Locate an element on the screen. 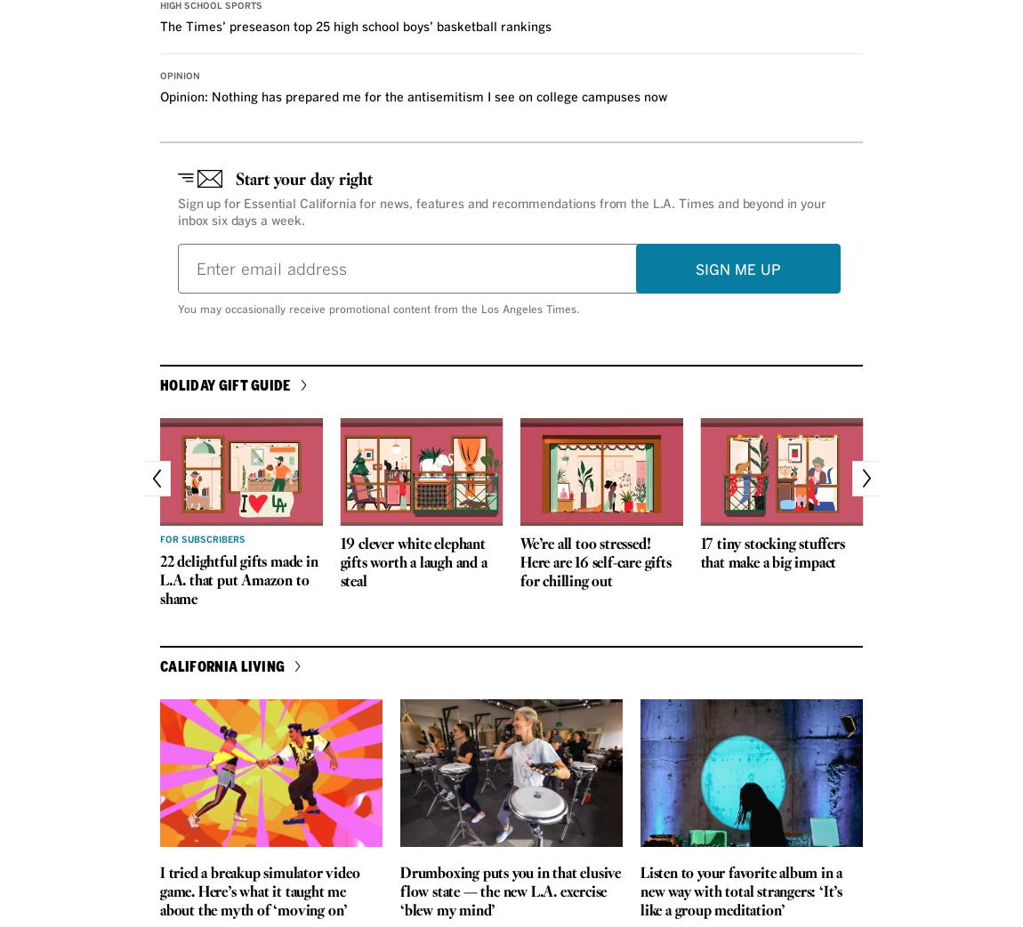 Image resolution: width=1023 pixels, height=927 pixels. 'Listen to your favorite album in a new way with total strangers: ‘It’s like a group meditation’' is located at coordinates (638, 892).